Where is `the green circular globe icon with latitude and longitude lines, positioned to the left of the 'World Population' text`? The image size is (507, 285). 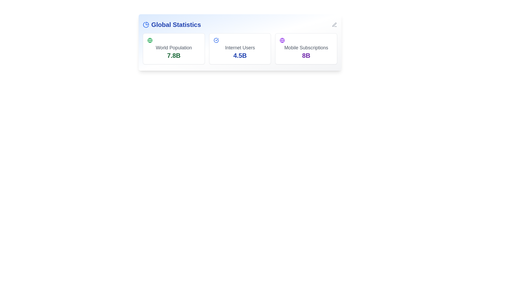
the green circular globe icon with latitude and longitude lines, positioned to the left of the 'World Population' text is located at coordinates (149, 40).